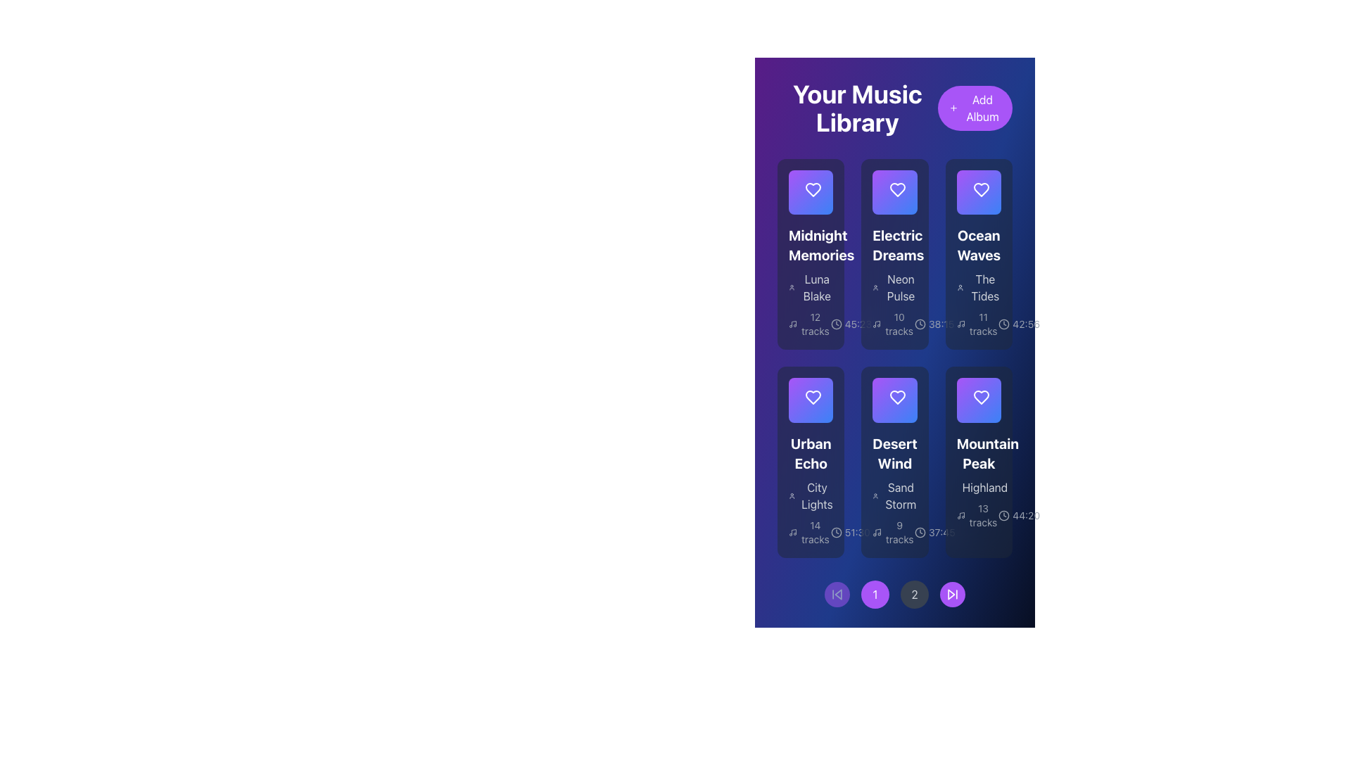 Image resolution: width=1351 pixels, height=760 pixels. I want to click on the favorite toggle icon button located at the top center of the 'Electric Dreams' card, so click(896, 190).